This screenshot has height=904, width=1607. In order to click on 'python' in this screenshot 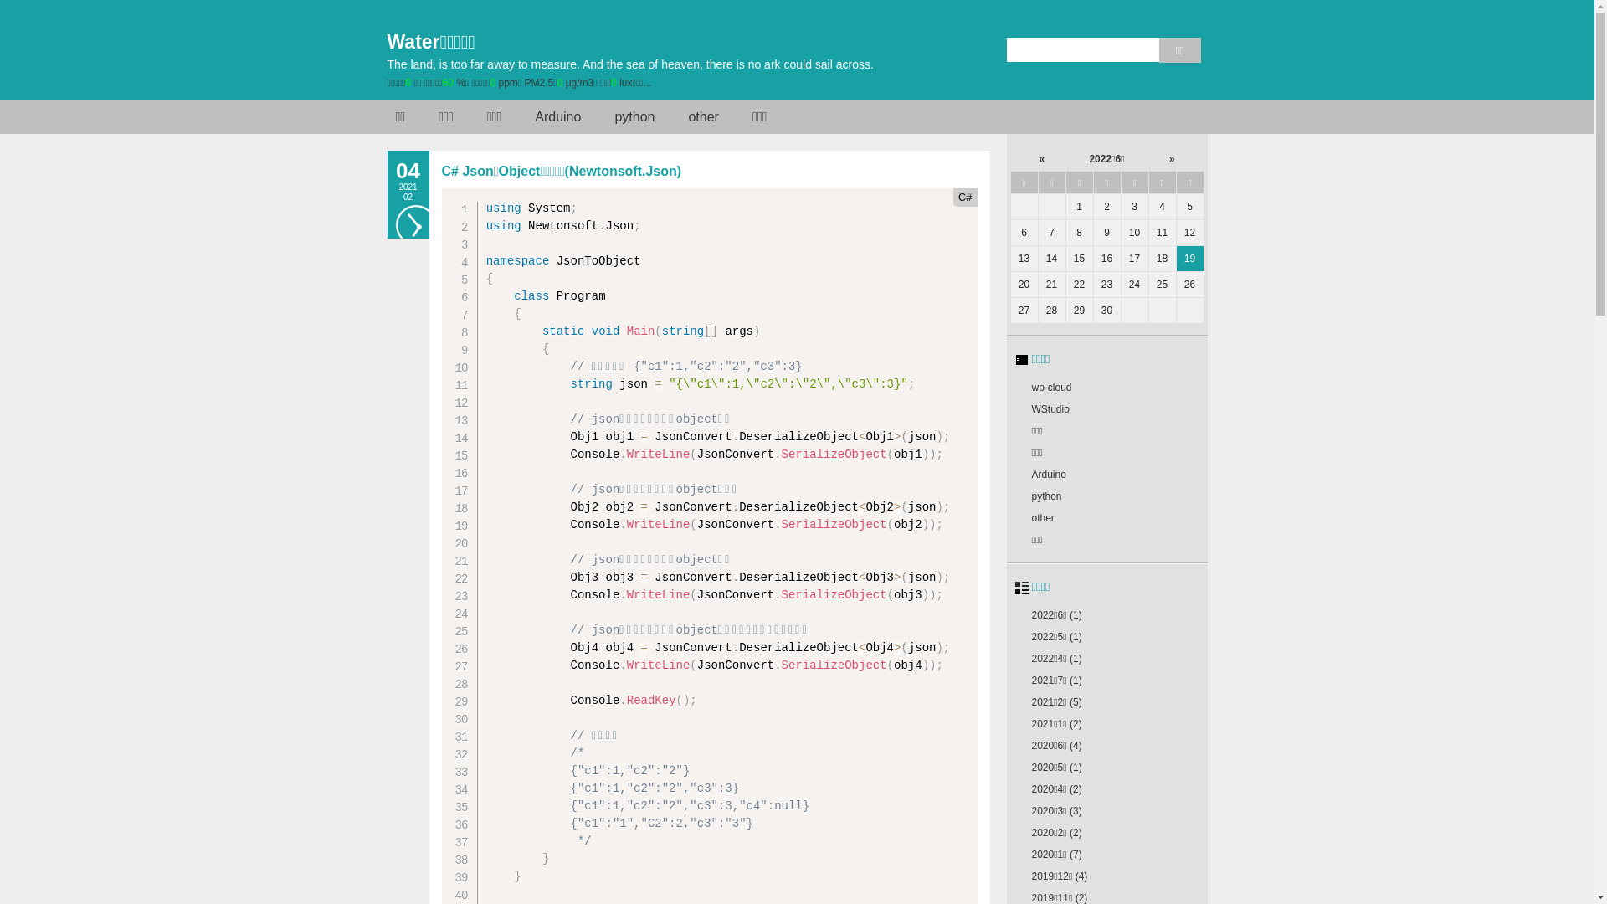, I will do `click(634, 116)`.